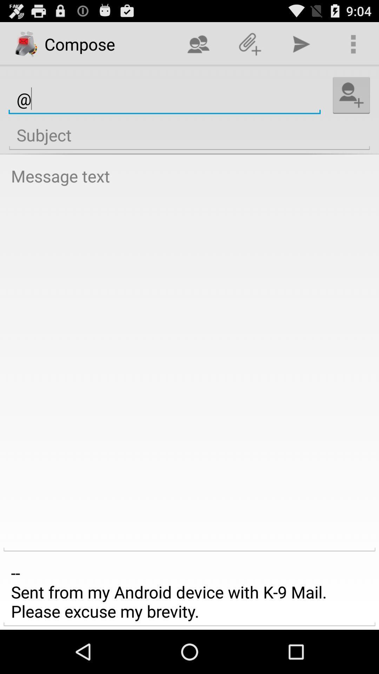 Image resolution: width=379 pixels, height=674 pixels. I want to click on item at the bottom, so click(189, 592).